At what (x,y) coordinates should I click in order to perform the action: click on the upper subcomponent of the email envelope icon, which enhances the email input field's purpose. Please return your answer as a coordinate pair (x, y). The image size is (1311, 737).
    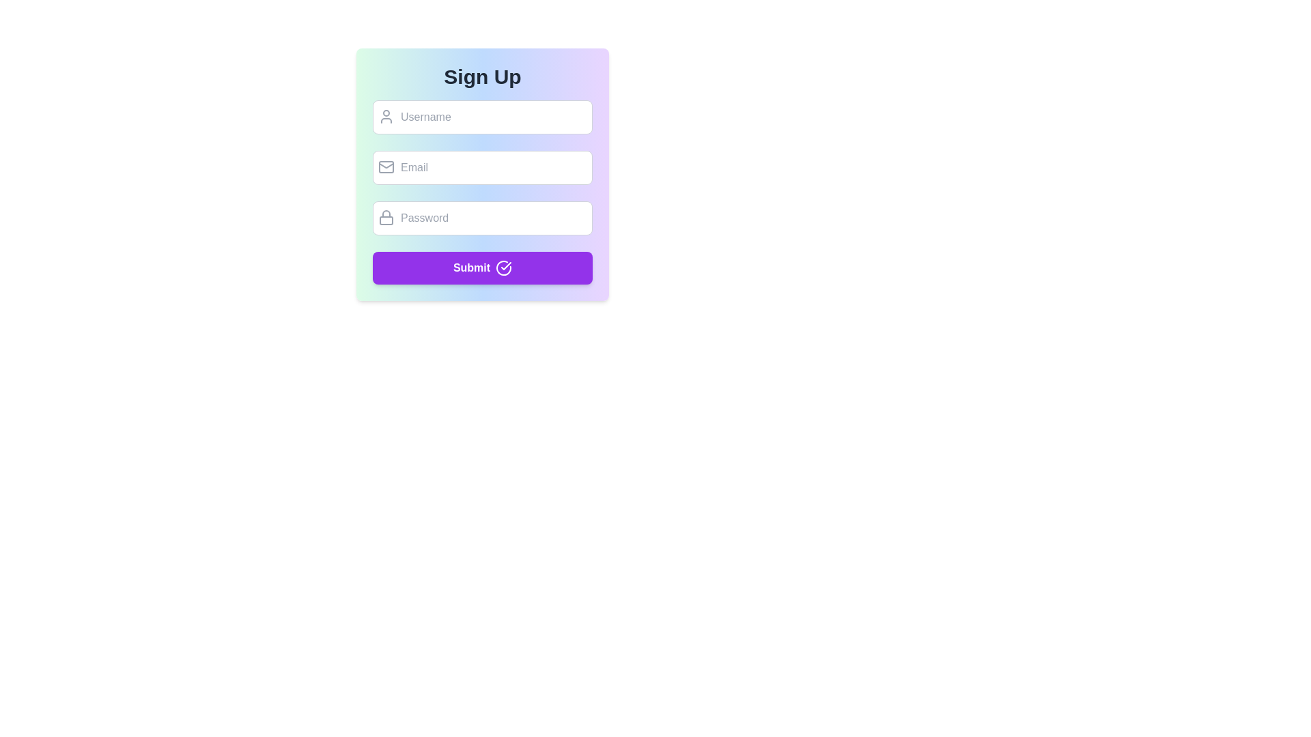
    Looking at the image, I should click on (386, 167).